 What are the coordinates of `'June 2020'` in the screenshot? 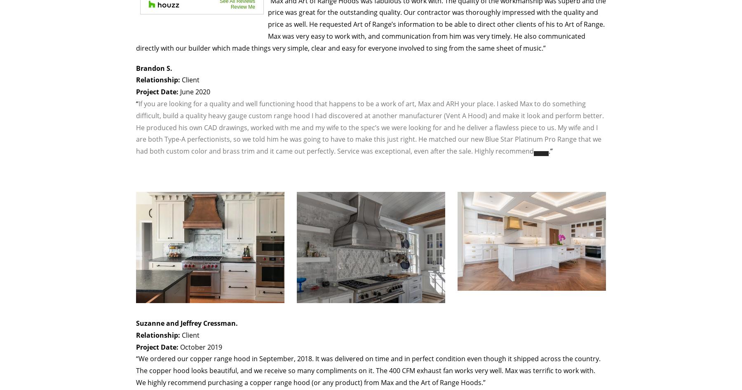 It's located at (194, 92).